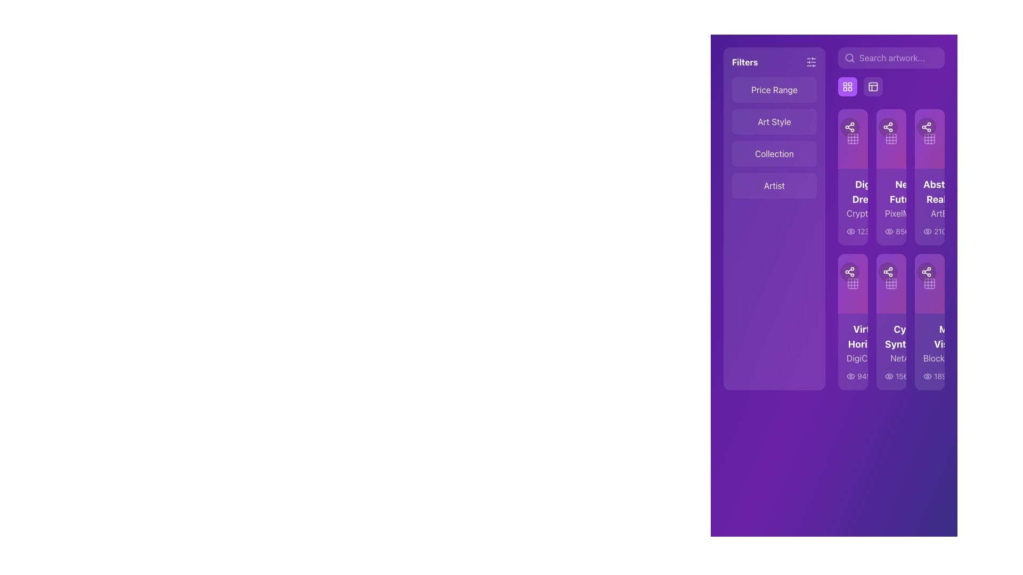 Image resolution: width=1023 pixels, height=575 pixels. I want to click on the fourth button in the vertically arranged group under the 'Filters' section, so click(774, 185).